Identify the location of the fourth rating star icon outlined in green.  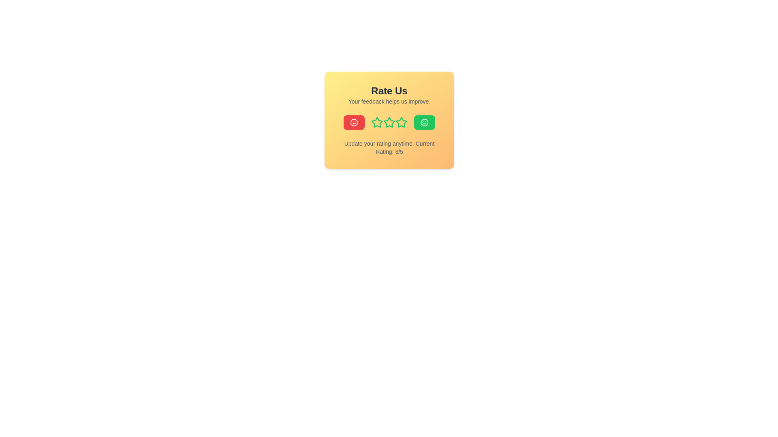
(401, 122).